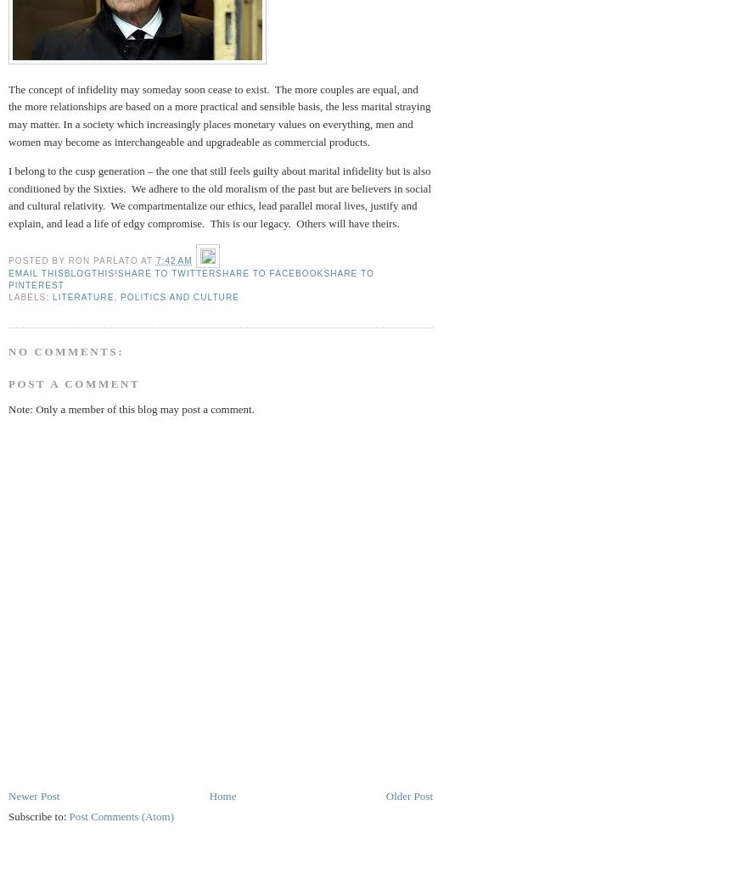 The height and width of the screenshot is (884, 747). Describe the element at coordinates (219, 195) in the screenshot. I see `'I belong to the cusp generation – the one that still feels guilty about marital infidelity but is also conditioned by the Sixties.  We adhere to the old moralism of the past but are believers in social and cultural relativity.  We compartmentalize our ethics, lead parallel moral lives, justify and explain, and lead a life of edgy compromise.  This is our legacy.  Others will have theirs.'` at that location.